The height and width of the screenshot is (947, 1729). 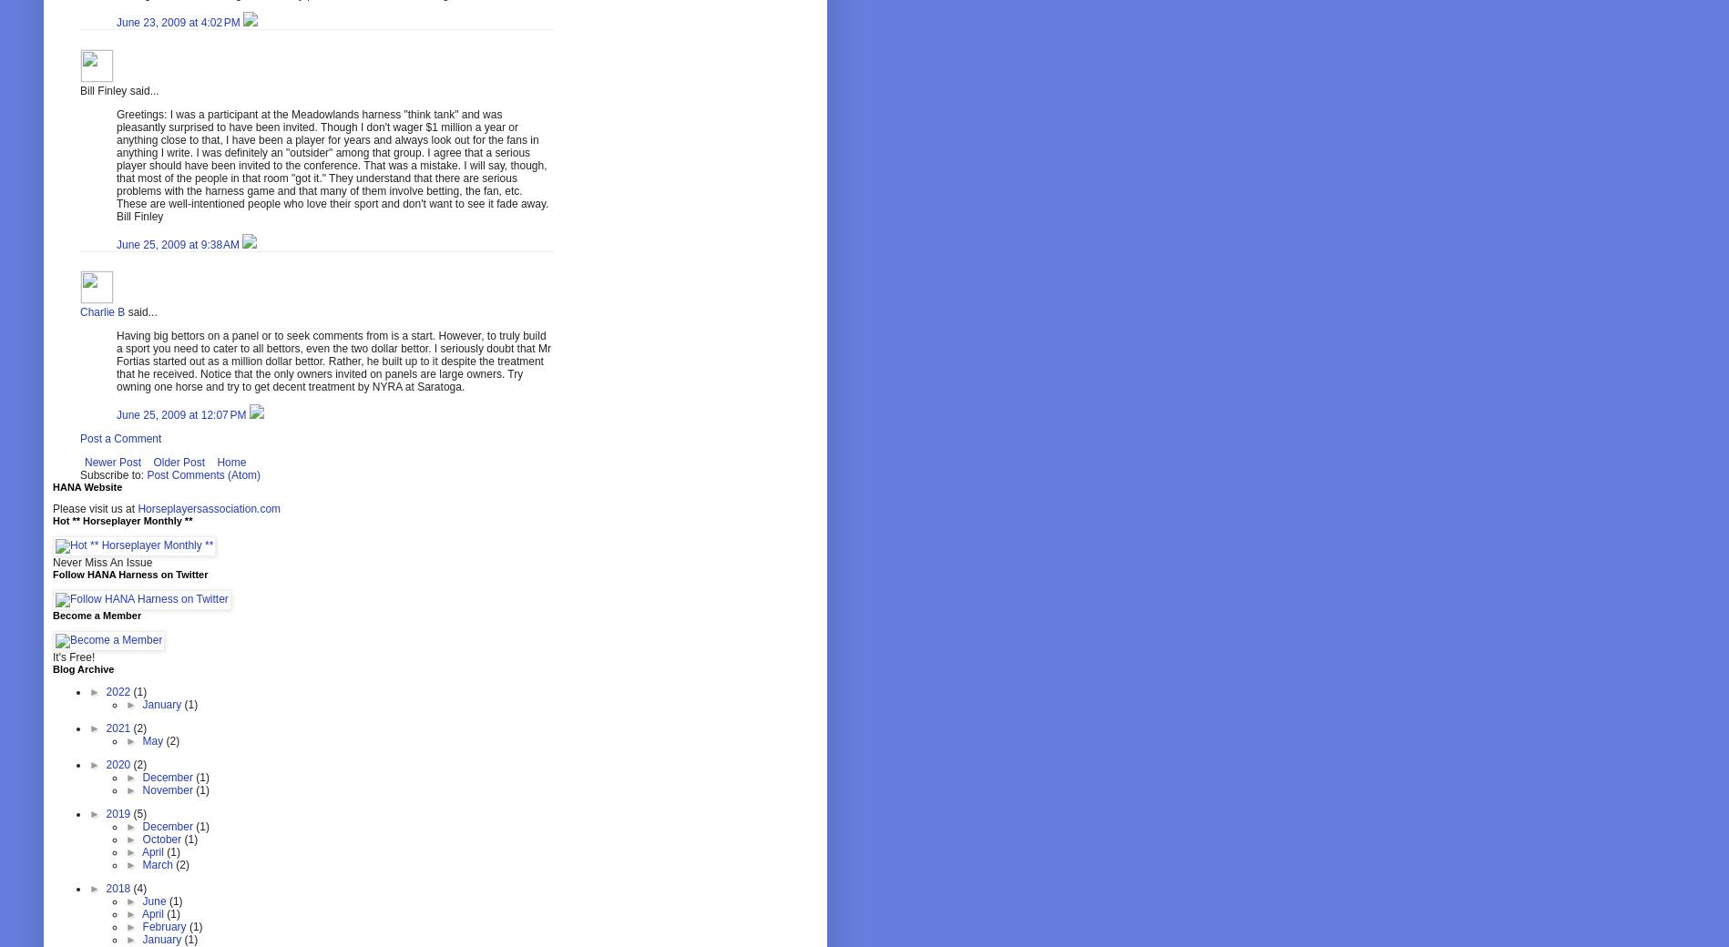 I want to click on 'Having big bettors on a panel or to seek comments from is a start. However, to truly build a sport you need to cater to all bettors, even the two dollar bettor. I seriously doubt that Mr Fortias started out as a million dollar bettor. Rather, he built up to it despite the treatment that he received. Notice that the only owners invited on panels are large owners. Try owning one horse and try to get decent treatment by NYRA at Saratoga.', so click(x=332, y=361).